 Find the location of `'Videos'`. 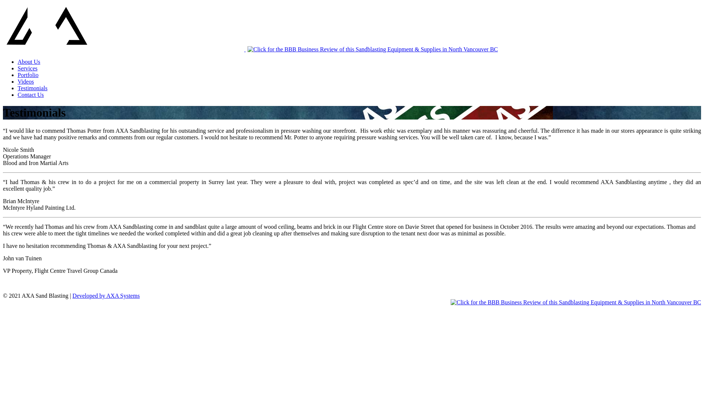

'Videos' is located at coordinates (26, 81).